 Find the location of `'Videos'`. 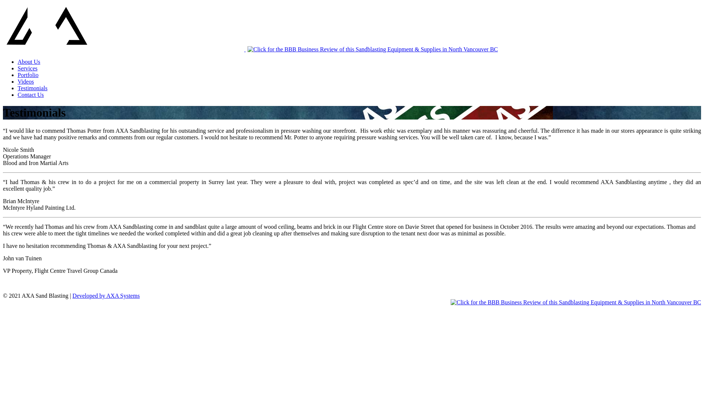

'Videos' is located at coordinates (26, 81).